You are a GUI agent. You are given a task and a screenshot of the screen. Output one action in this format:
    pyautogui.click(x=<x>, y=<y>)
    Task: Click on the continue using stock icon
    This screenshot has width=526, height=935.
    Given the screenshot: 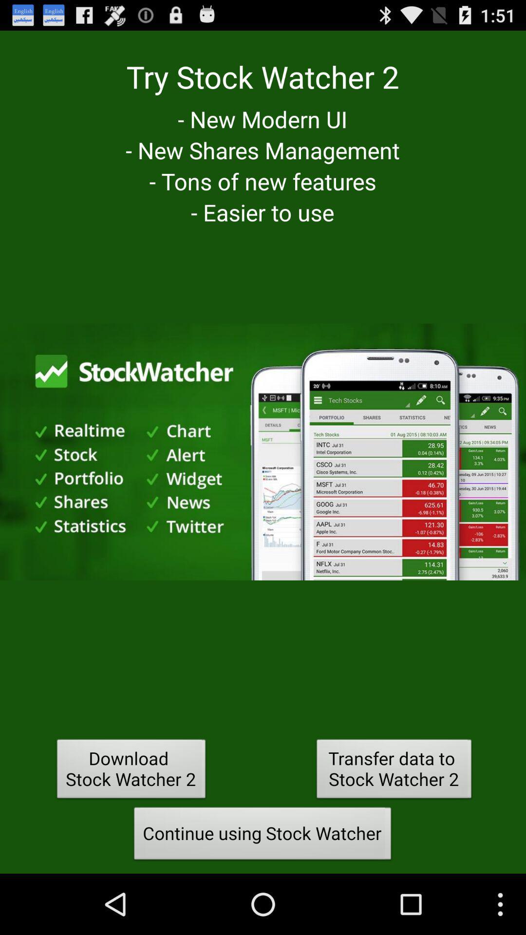 What is the action you would take?
    pyautogui.click(x=262, y=836)
    